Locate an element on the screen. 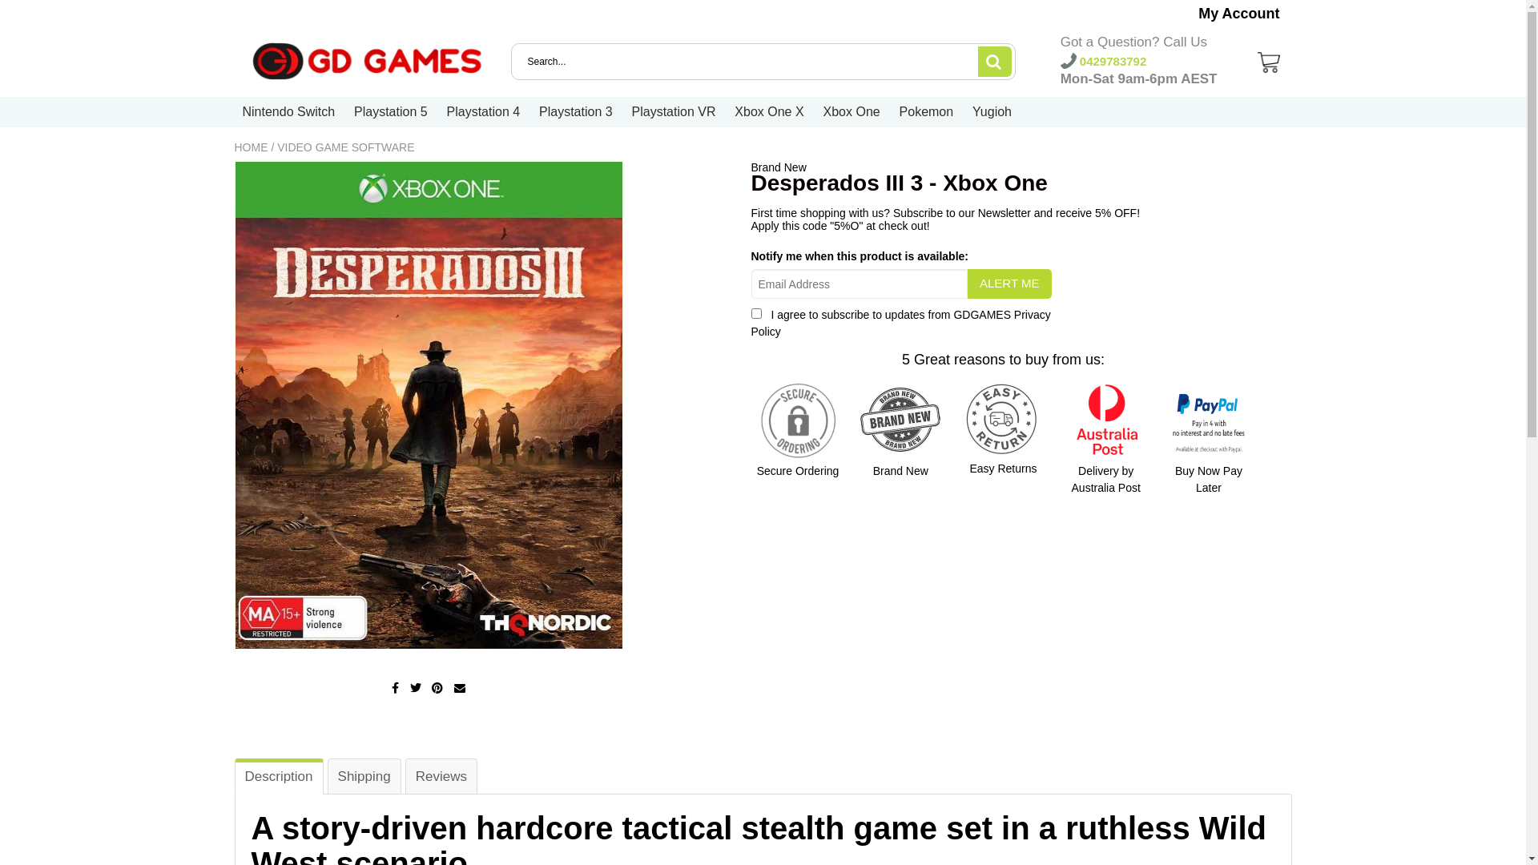 The width and height of the screenshot is (1538, 865). 'Nintendo Switch' is located at coordinates (288, 111).